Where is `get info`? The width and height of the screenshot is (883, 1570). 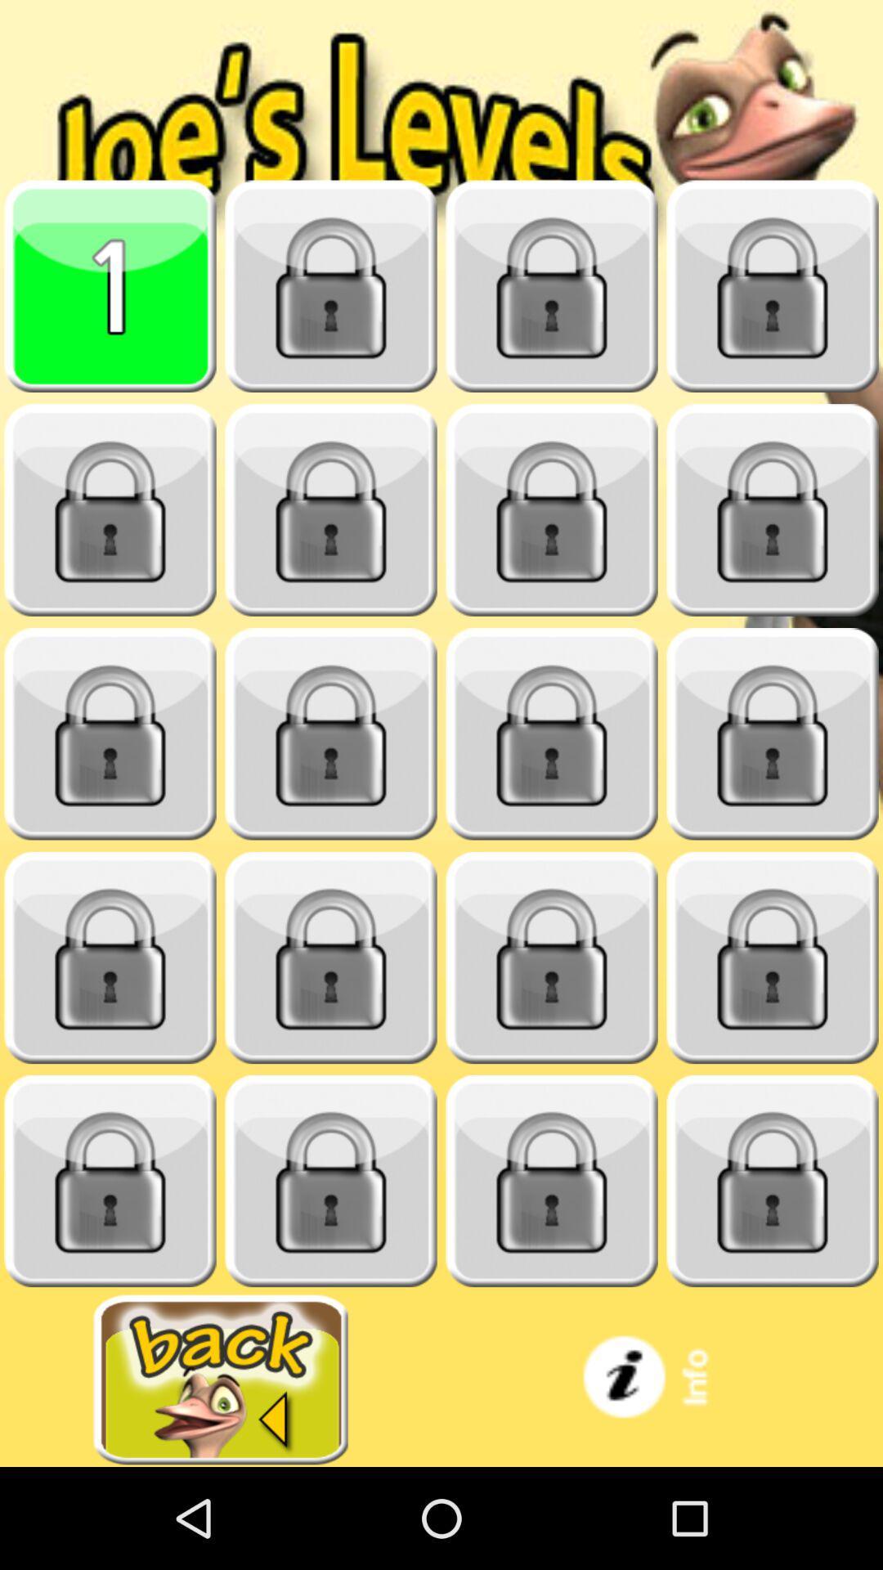 get info is located at coordinates (662, 1379).